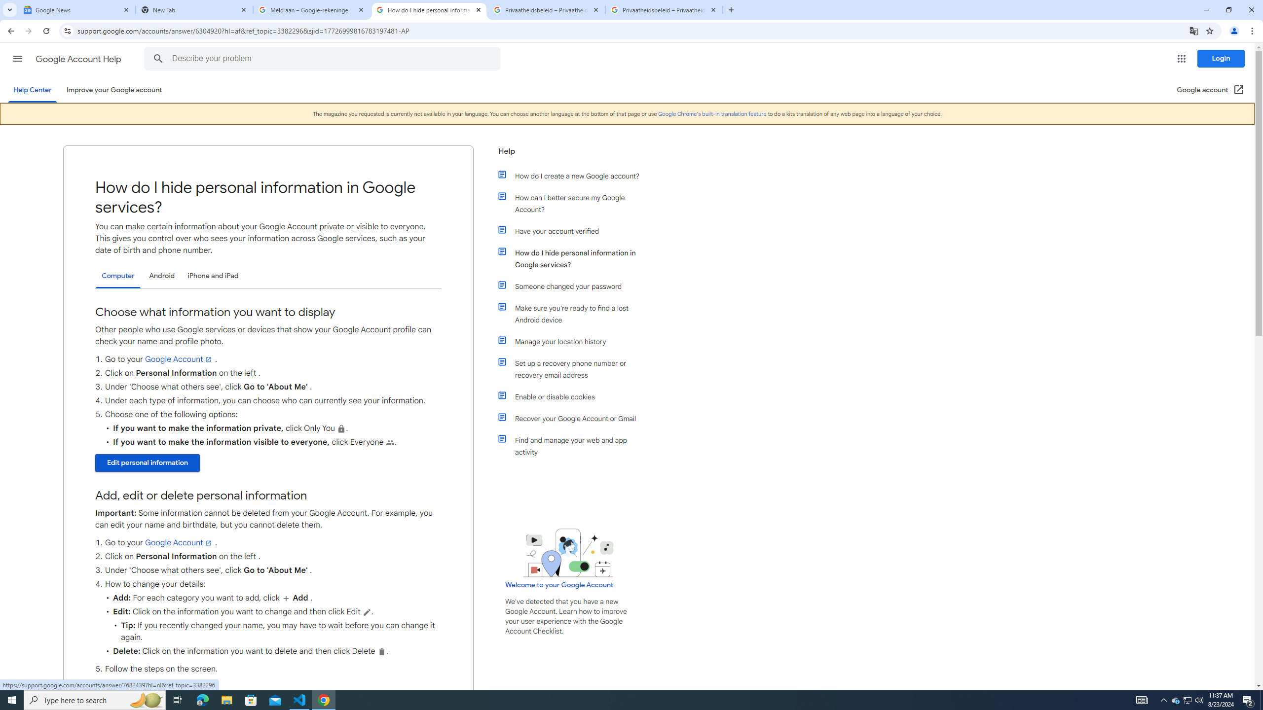 Image resolution: width=1263 pixels, height=710 pixels. What do you see at coordinates (161, 276) in the screenshot?
I see `'Android'` at bounding box center [161, 276].